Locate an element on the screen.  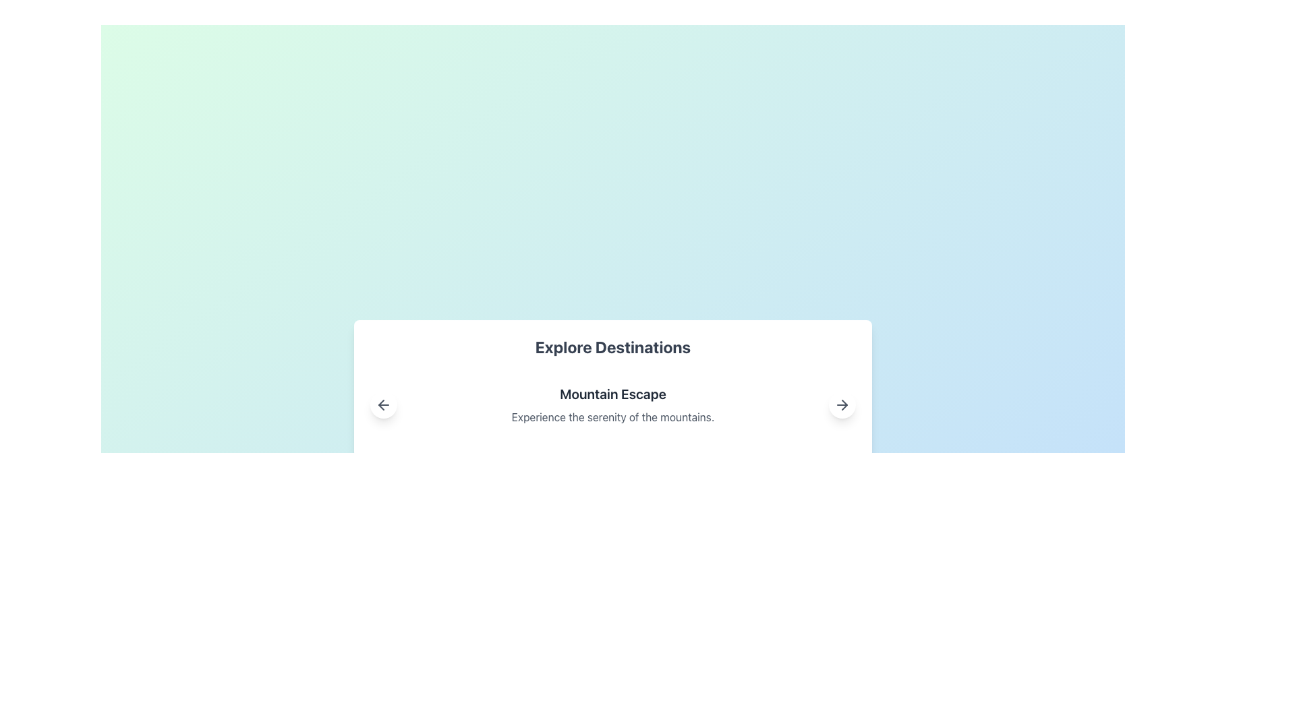
the text label displaying 'Mountain Escape', which is styled with a large bold font in black on a white background, positioned above another text label is located at coordinates (612, 394).